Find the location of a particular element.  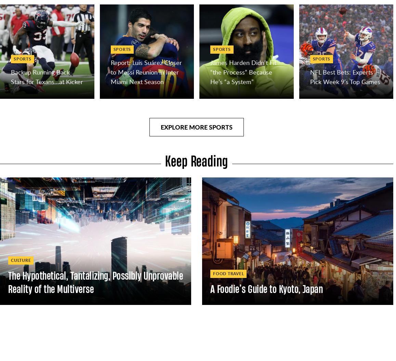

'James Harden Didn’t Fit “the Process” Because He’s “a System”' is located at coordinates (243, 71).